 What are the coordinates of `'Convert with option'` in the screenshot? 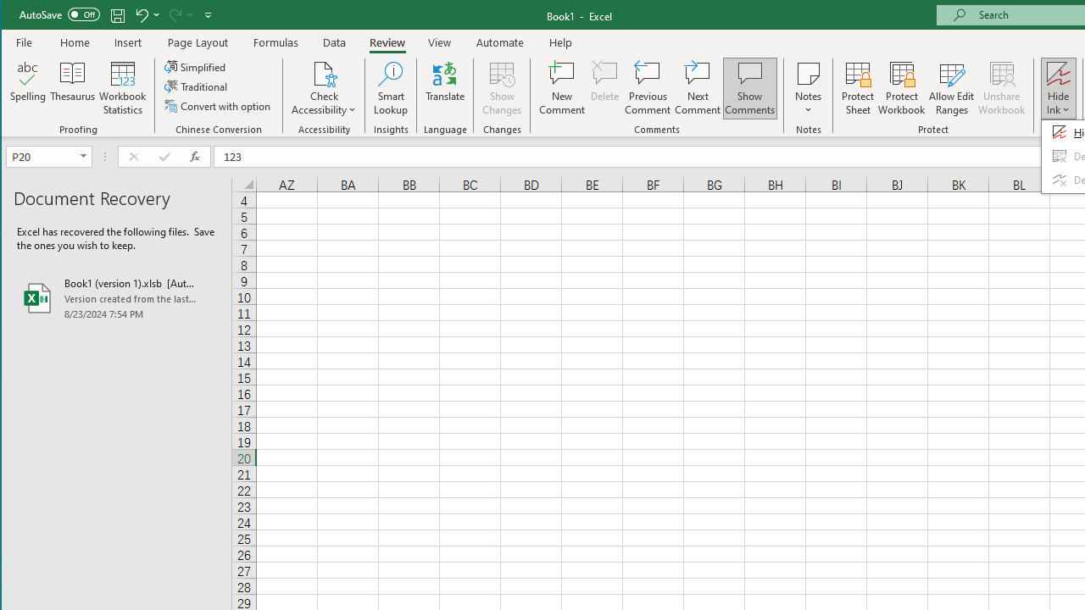 It's located at (218, 106).